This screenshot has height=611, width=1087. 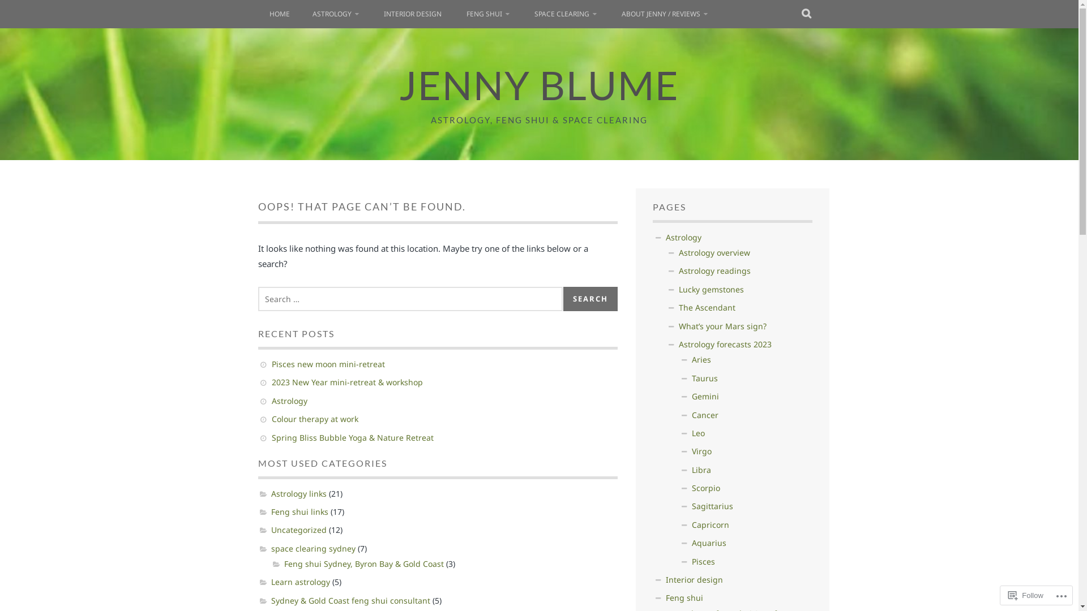 I want to click on 'Virgo', so click(x=701, y=450).